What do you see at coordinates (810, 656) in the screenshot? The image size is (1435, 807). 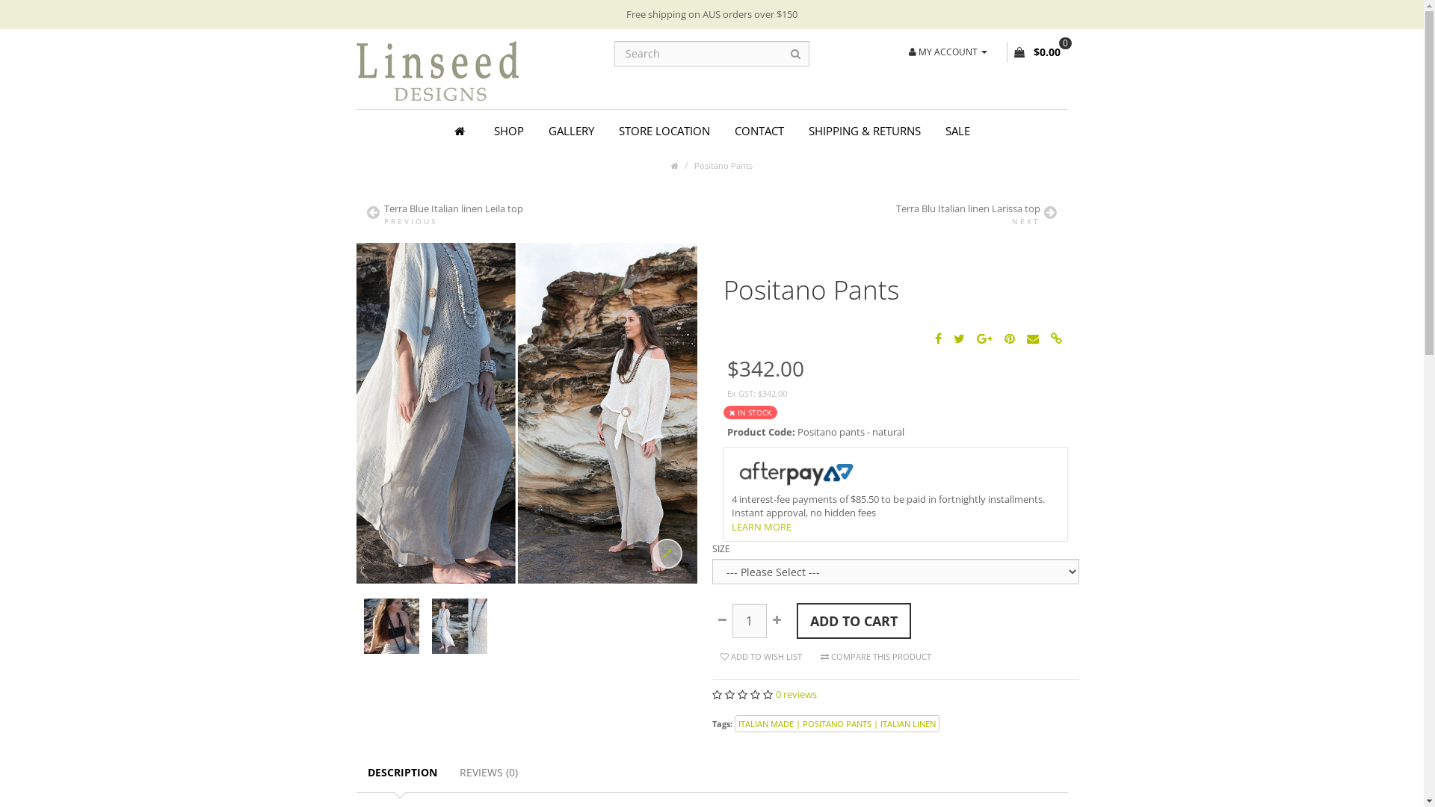 I see `'COMPARE THIS PRODUCT'` at bounding box center [810, 656].